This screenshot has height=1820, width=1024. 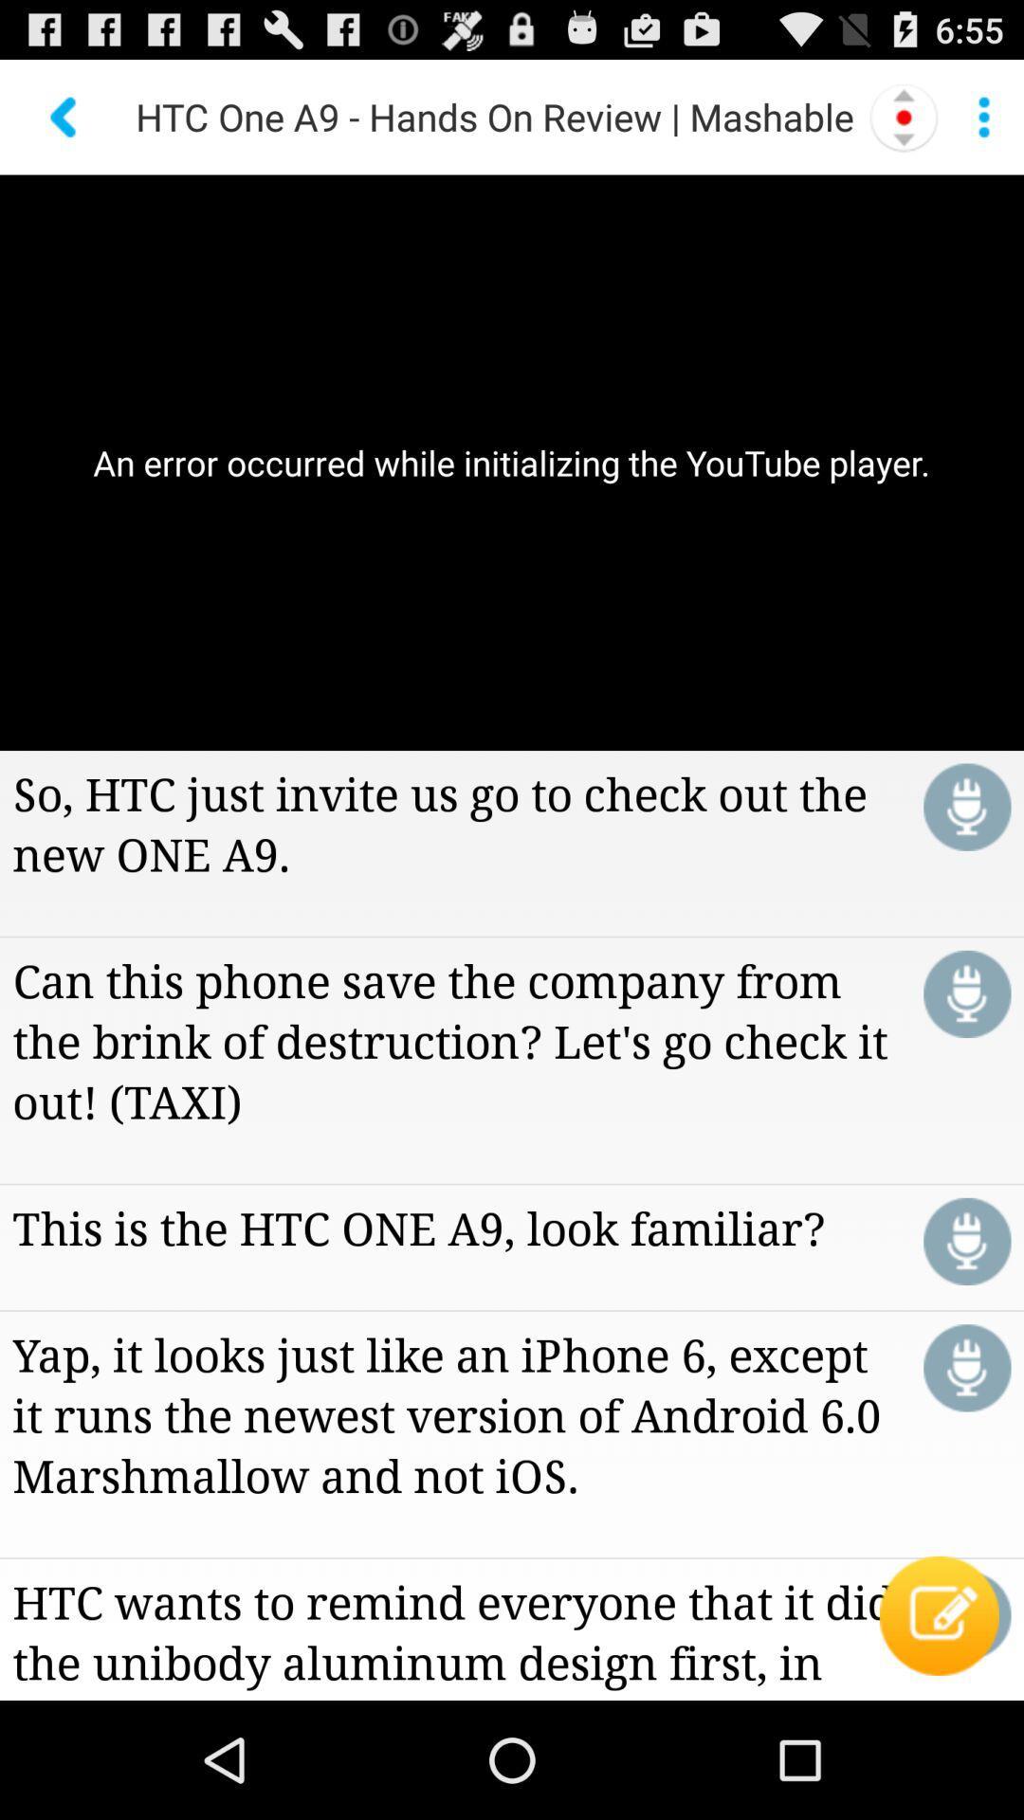 What do you see at coordinates (64, 124) in the screenshot?
I see `the arrow_backward icon` at bounding box center [64, 124].